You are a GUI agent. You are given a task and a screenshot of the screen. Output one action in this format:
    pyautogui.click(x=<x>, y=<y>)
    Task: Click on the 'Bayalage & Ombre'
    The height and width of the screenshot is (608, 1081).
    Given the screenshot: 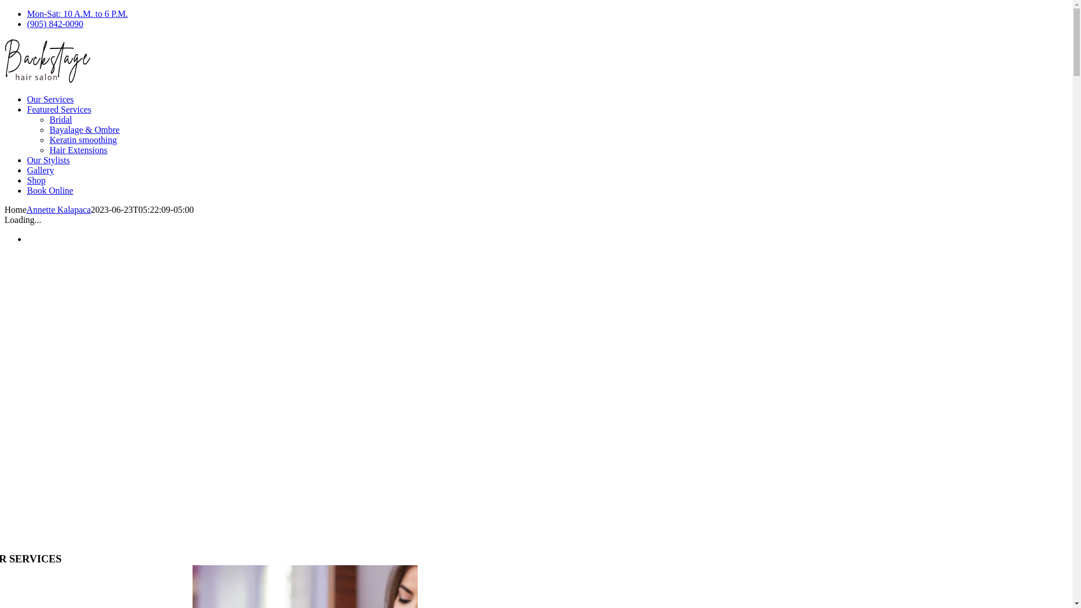 What is the action you would take?
    pyautogui.click(x=83, y=129)
    